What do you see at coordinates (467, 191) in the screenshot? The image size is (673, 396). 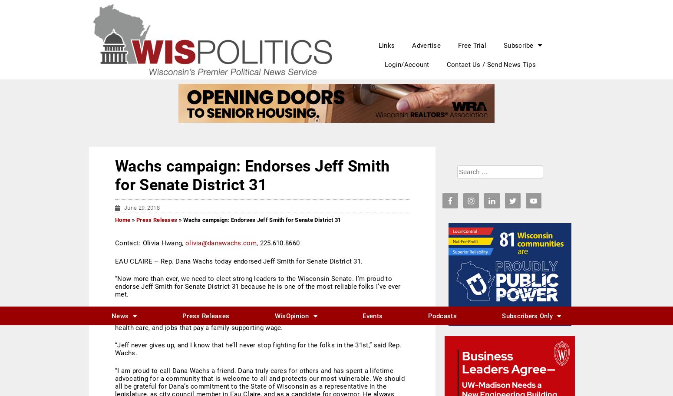 I see `'WisPolitics DC breakfast with Chuck Todd on Wisconsin and the 2024 election'` at bounding box center [467, 191].